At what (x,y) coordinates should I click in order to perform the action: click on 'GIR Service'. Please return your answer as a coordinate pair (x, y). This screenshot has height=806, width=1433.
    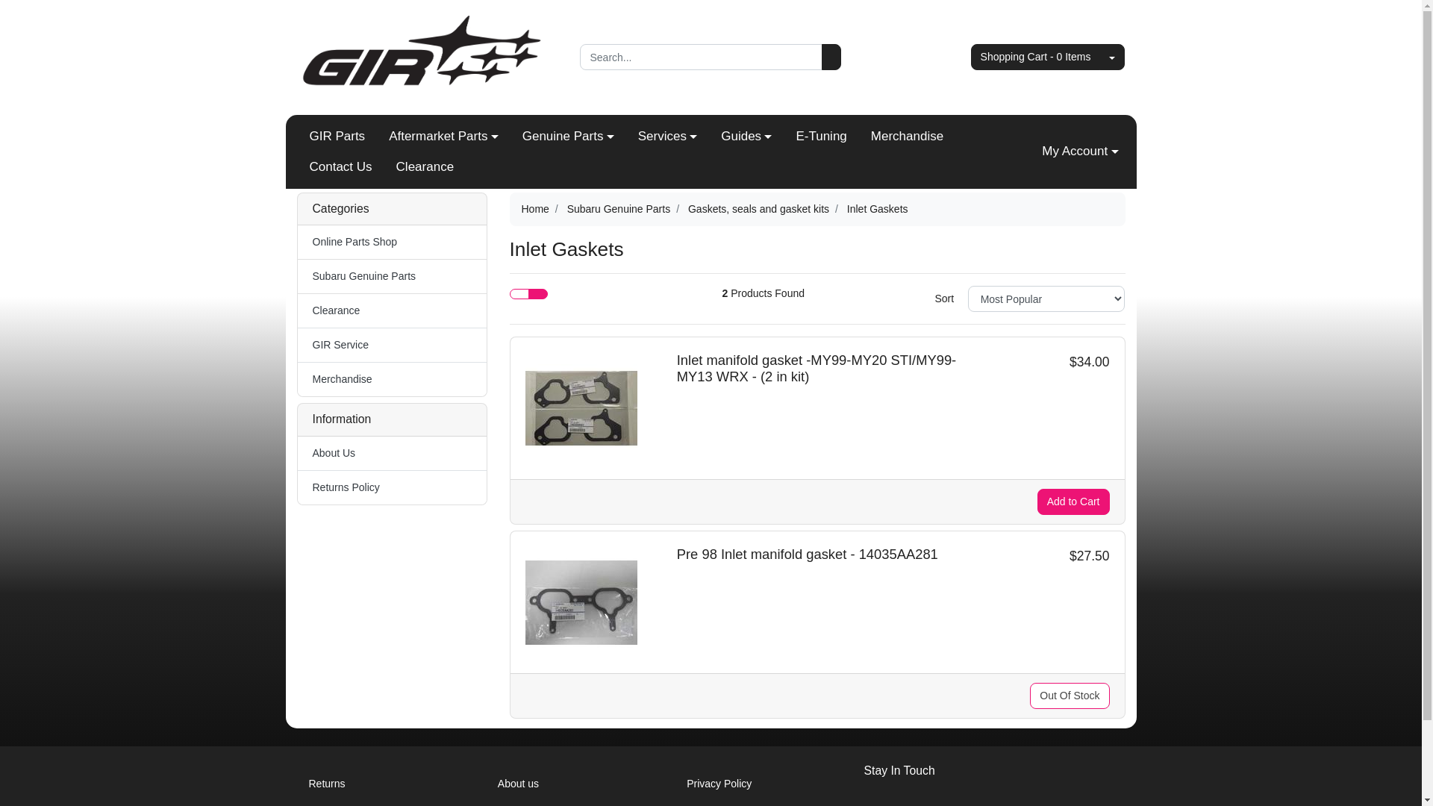
    Looking at the image, I should click on (391, 345).